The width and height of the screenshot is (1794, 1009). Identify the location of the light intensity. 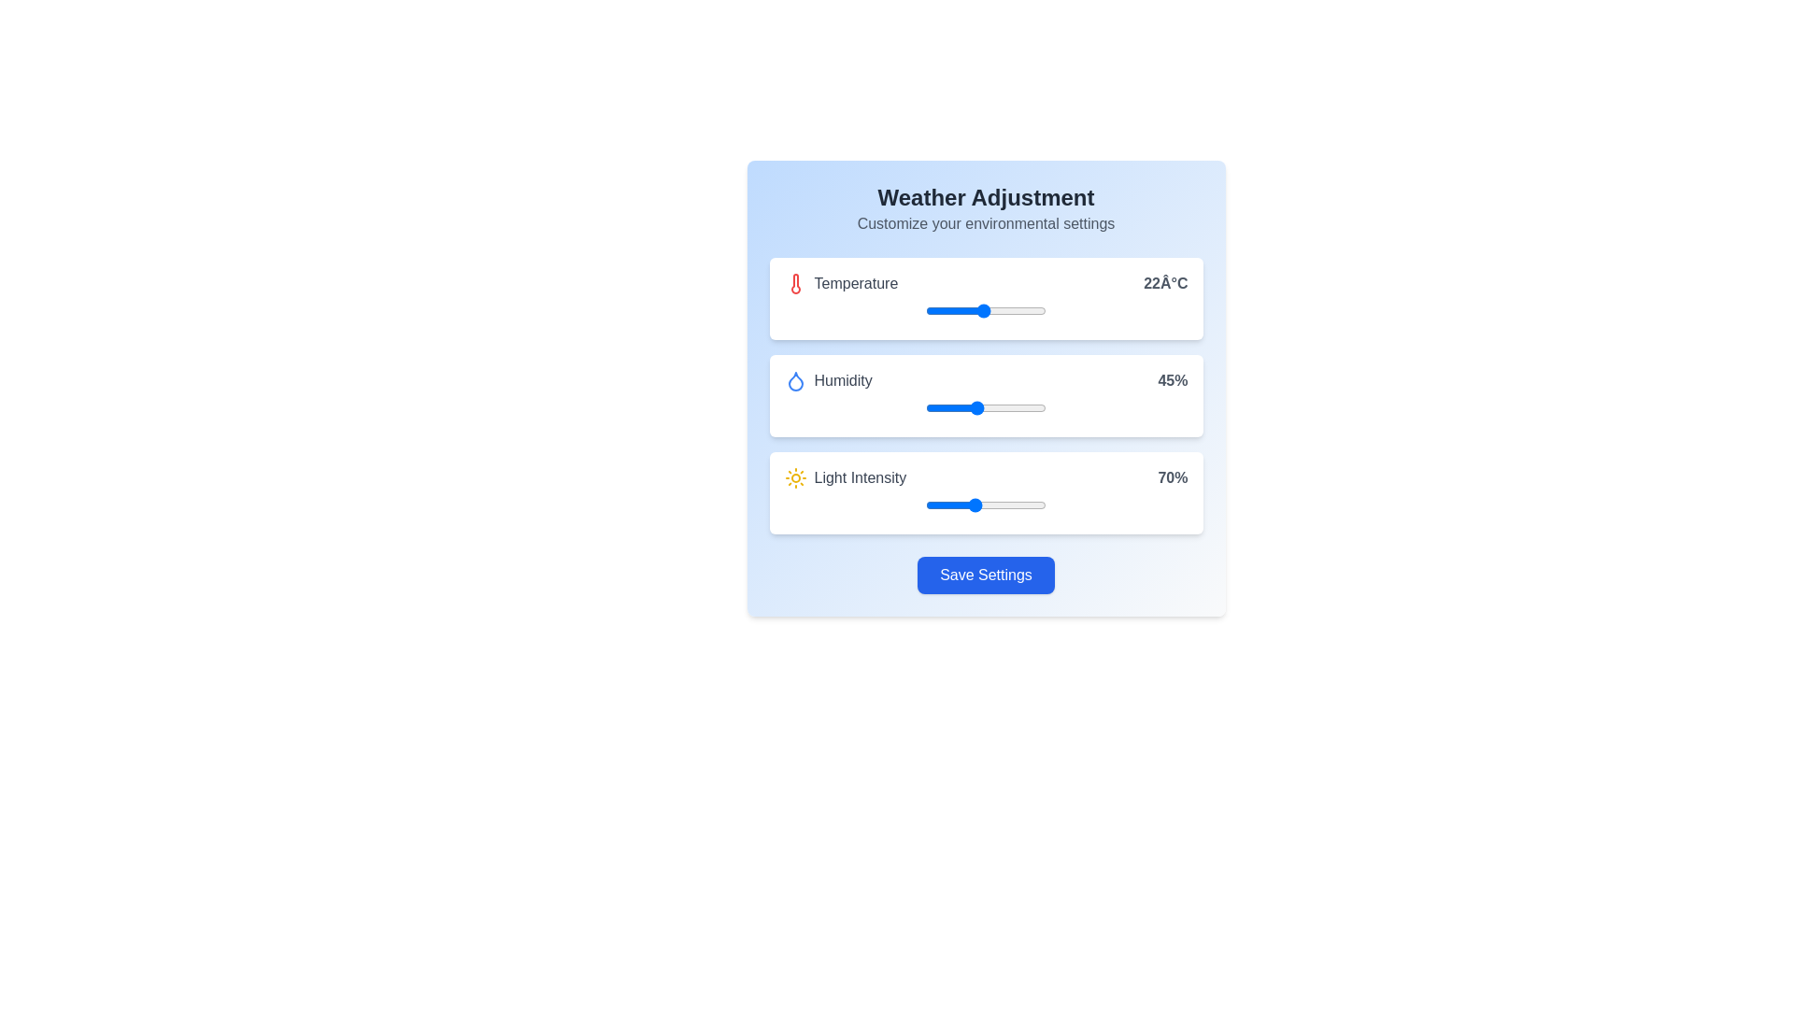
(1002, 504).